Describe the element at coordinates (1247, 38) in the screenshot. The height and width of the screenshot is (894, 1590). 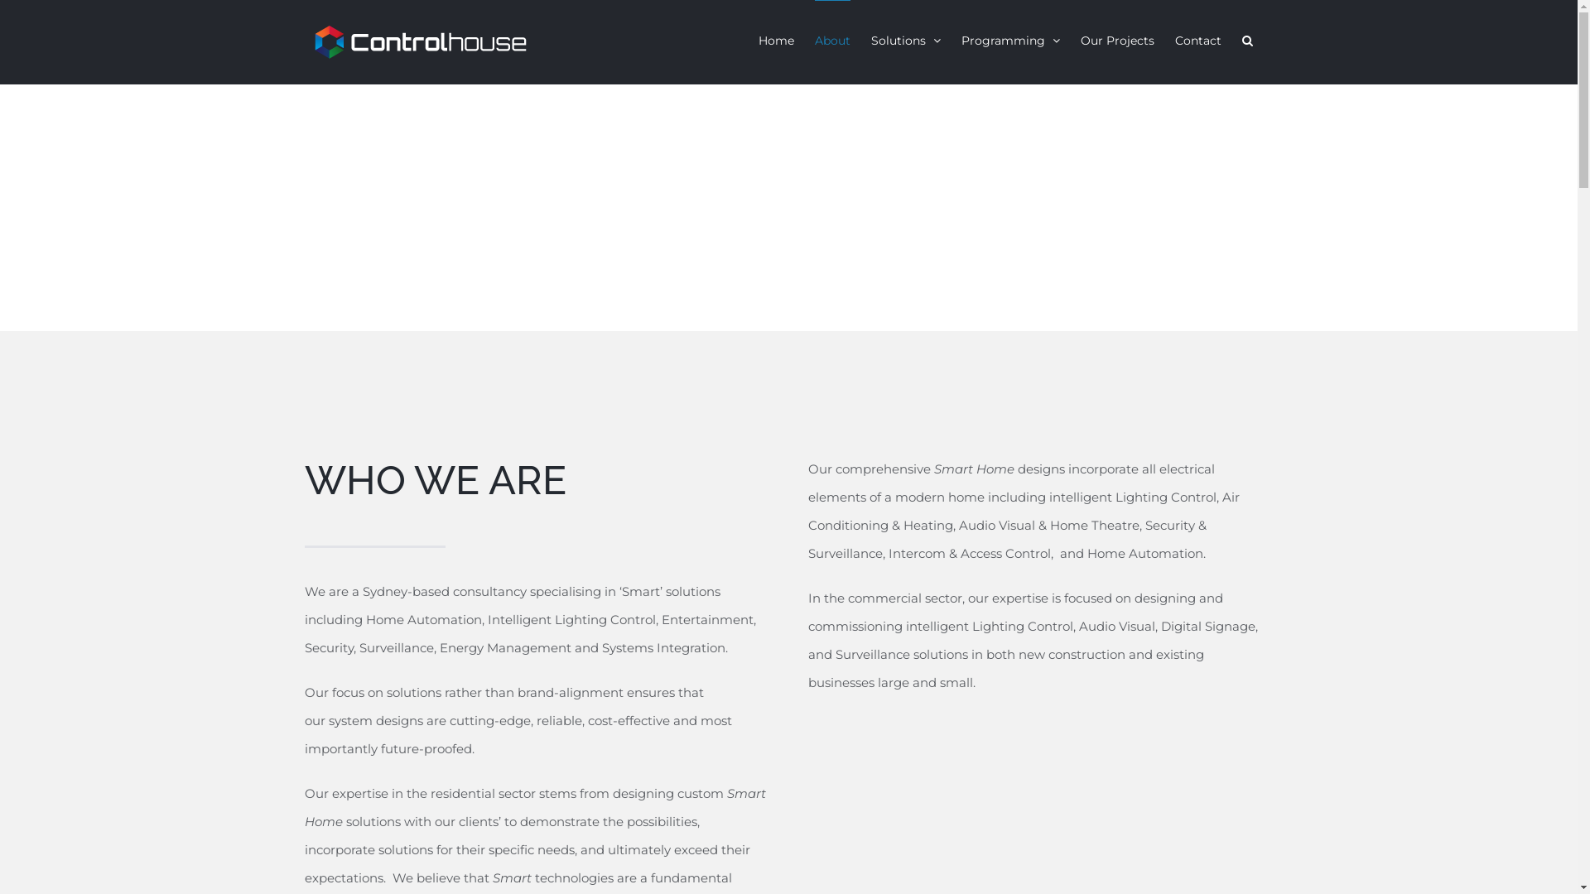
I see `'Search'` at that location.